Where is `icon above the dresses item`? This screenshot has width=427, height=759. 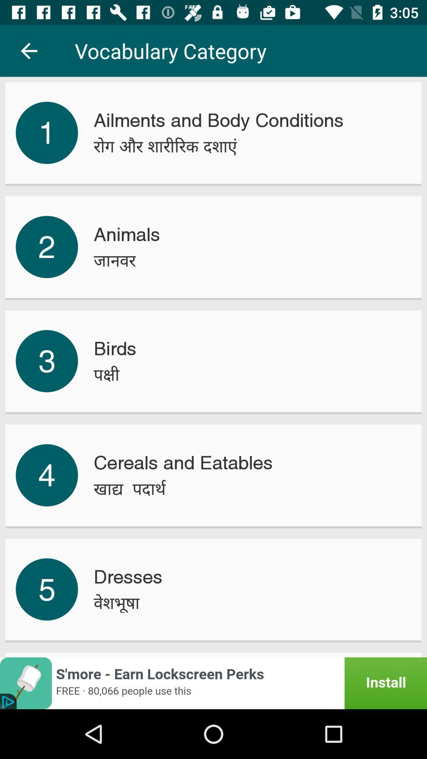
icon above the dresses item is located at coordinates (129, 488).